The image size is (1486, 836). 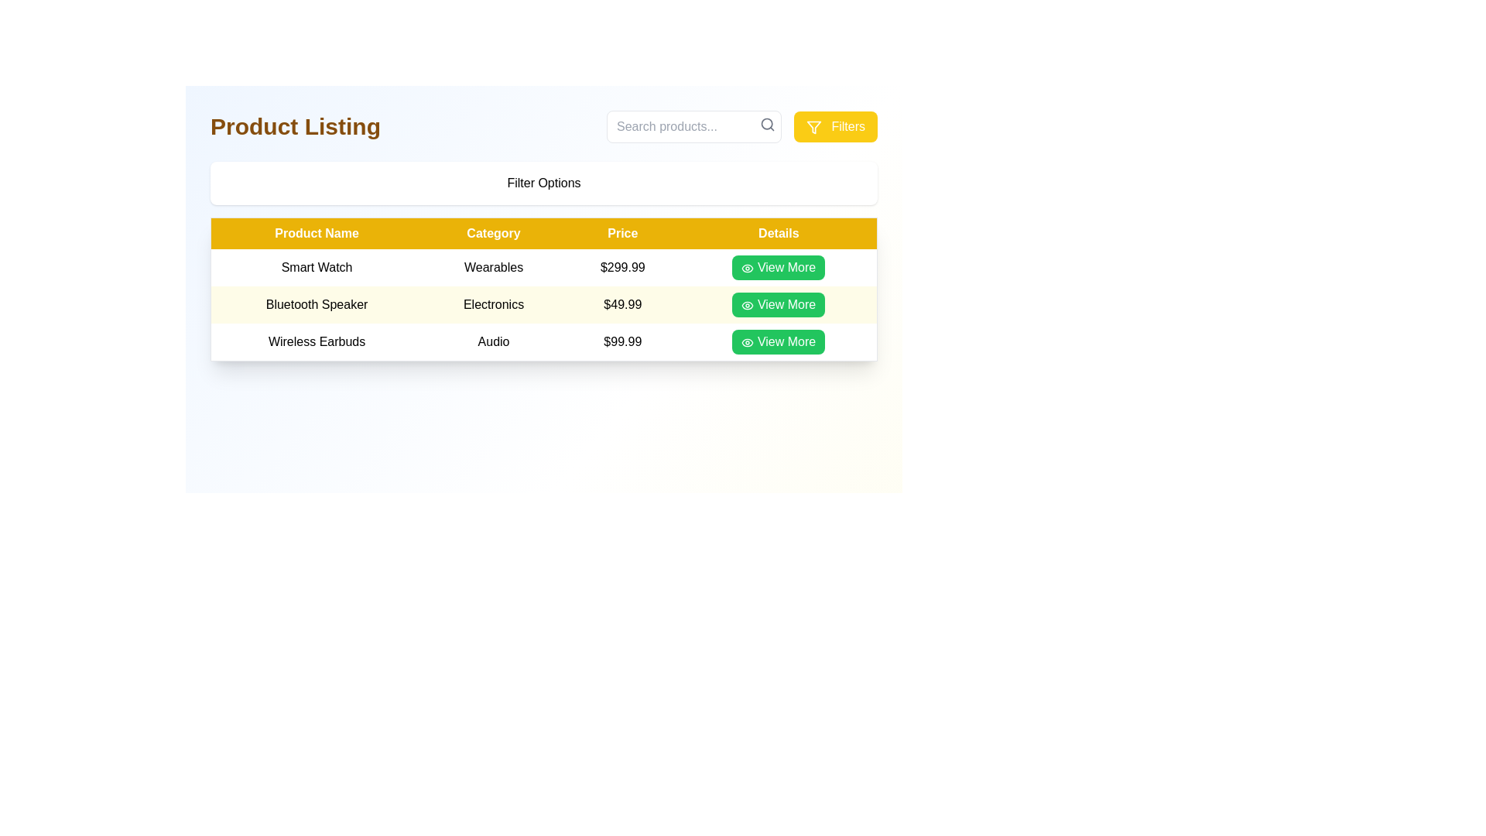 I want to click on the price label for the 'Wireless Earbuds' product, located in the third row under the 'Price' column, between the 'Audio' category cell and the 'View More' button, so click(x=622, y=341).